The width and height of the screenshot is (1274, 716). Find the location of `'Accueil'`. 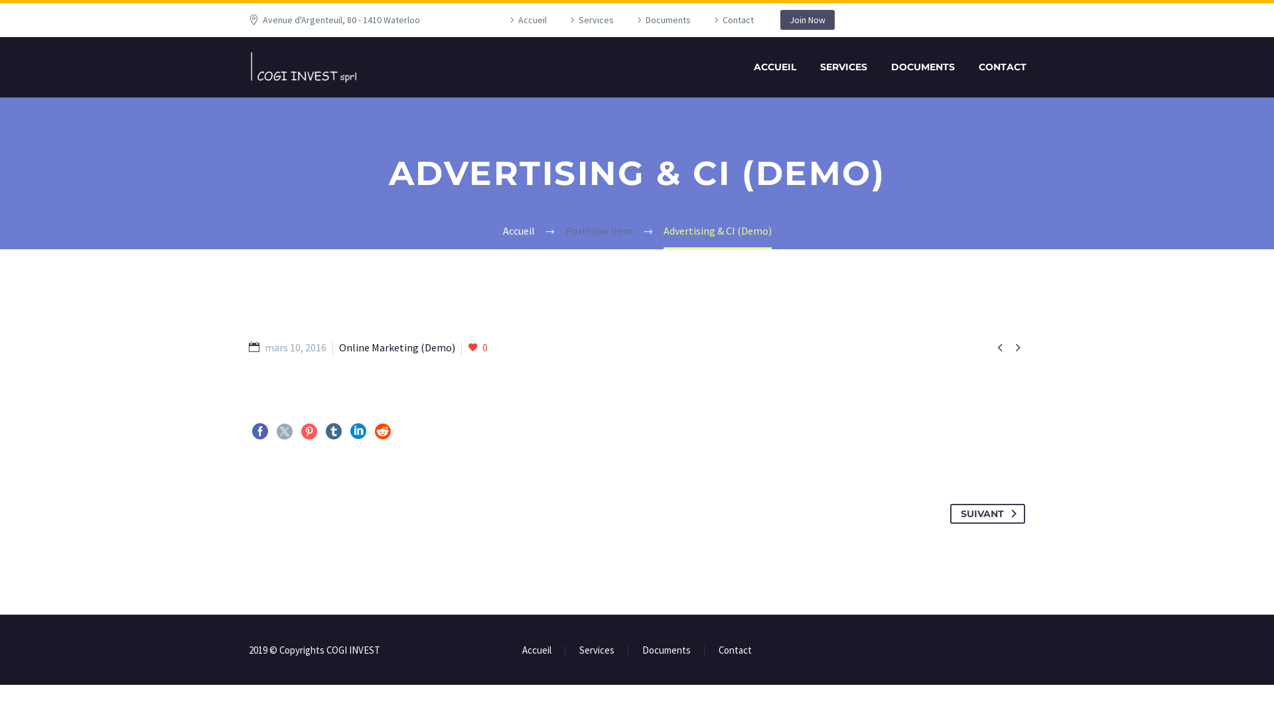

'Accueil' is located at coordinates (537, 650).